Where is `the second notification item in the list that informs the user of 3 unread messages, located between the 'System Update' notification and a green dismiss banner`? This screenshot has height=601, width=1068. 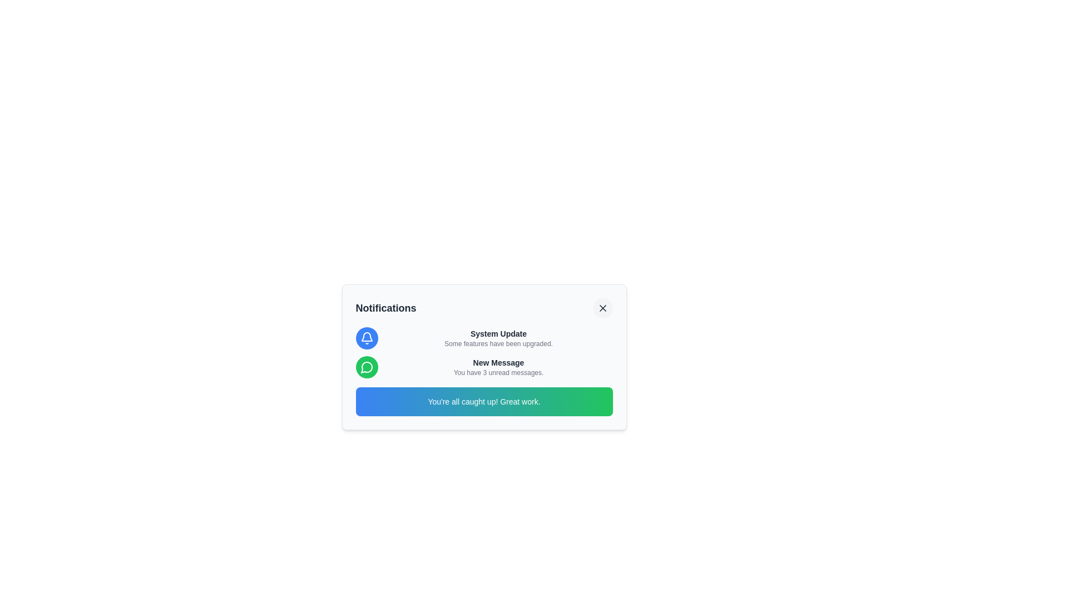
the second notification item in the list that informs the user of 3 unread messages, located between the 'System Update' notification and a green dismiss banner is located at coordinates (484, 367).